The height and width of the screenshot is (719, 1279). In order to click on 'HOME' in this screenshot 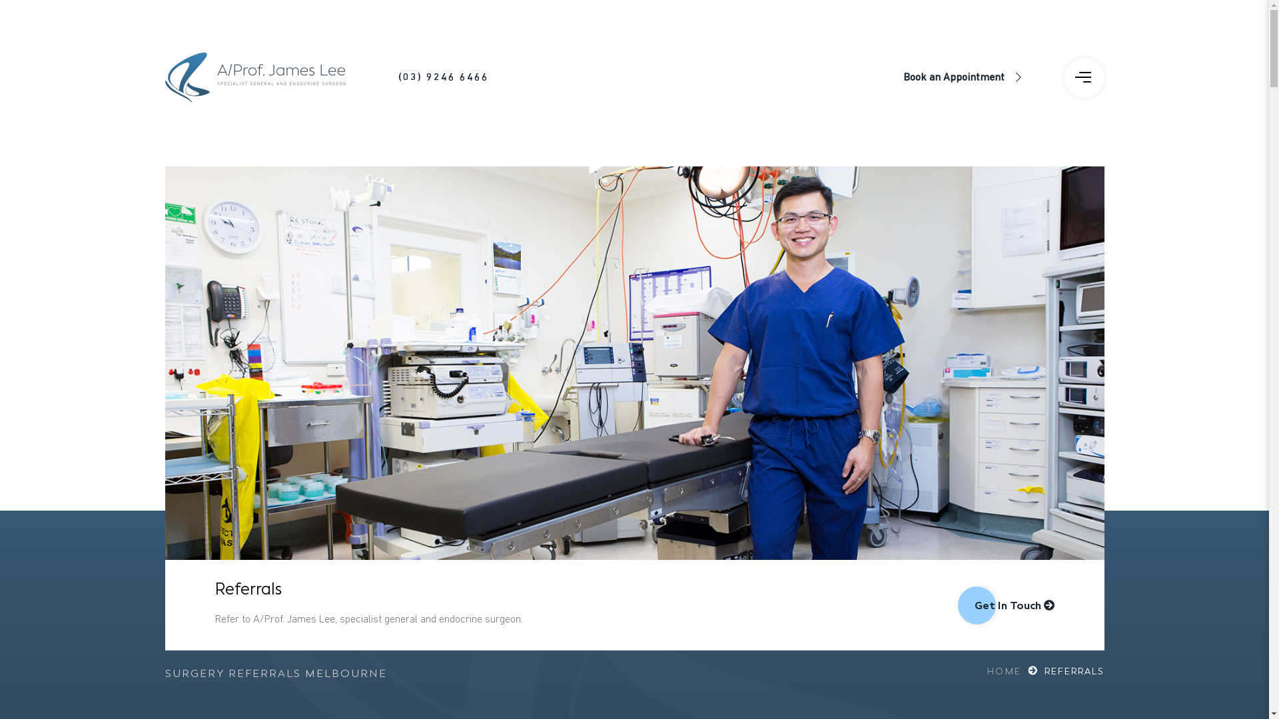, I will do `click(1013, 672)`.